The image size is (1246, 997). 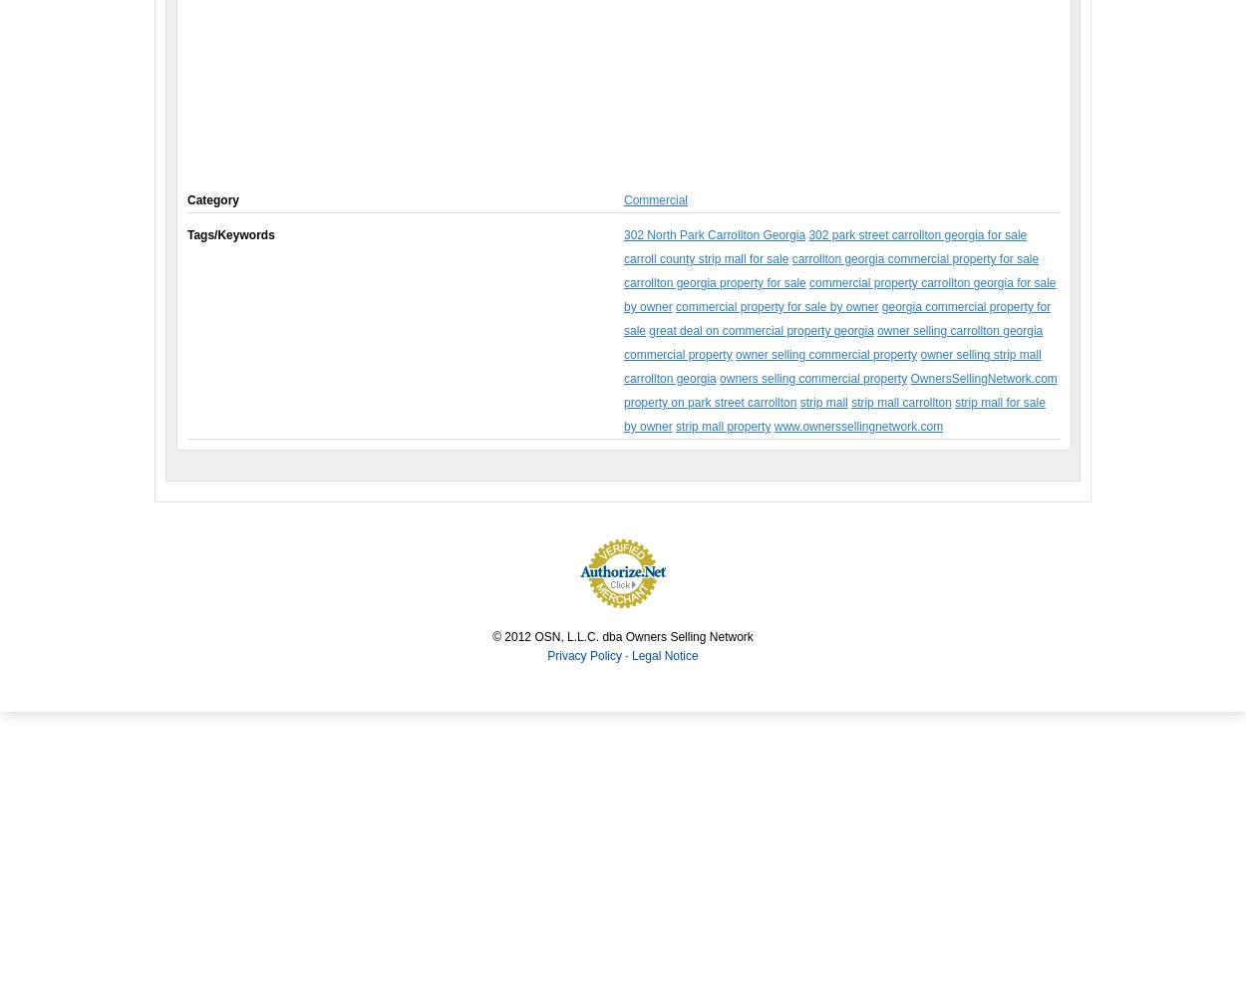 What do you see at coordinates (825, 354) in the screenshot?
I see `'owner selling commercial property'` at bounding box center [825, 354].